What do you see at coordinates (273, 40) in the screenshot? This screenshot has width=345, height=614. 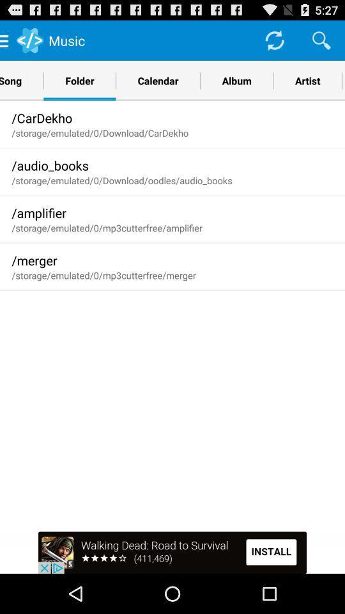 I see `shows refresh option` at bounding box center [273, 40].